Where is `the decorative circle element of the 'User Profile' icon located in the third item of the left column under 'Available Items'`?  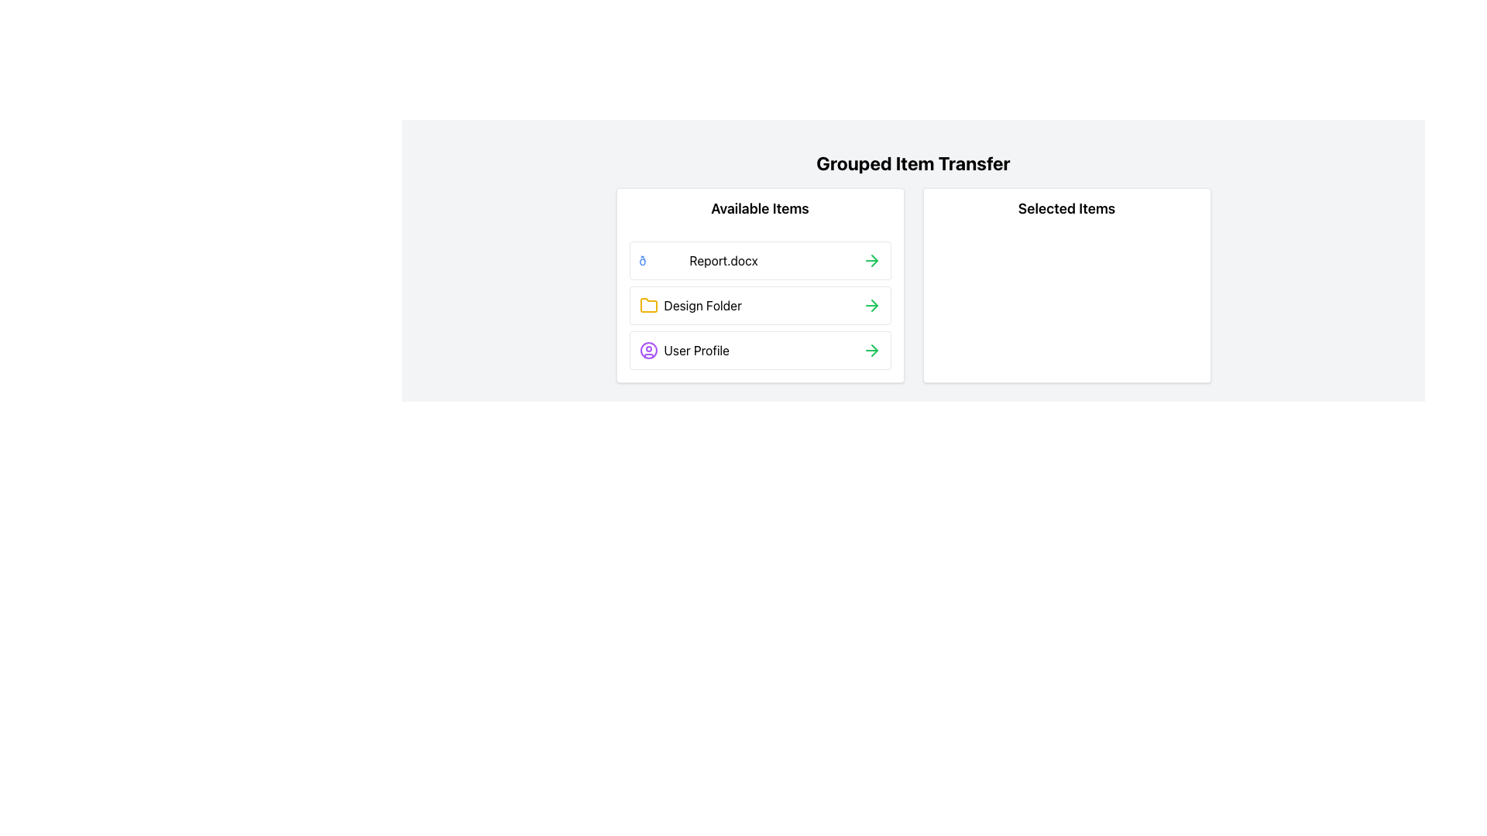 the decorative circle element of the 'User Profile' icon located in the third item of the left column under 'Available Items' is located at coordinates (648, 350).